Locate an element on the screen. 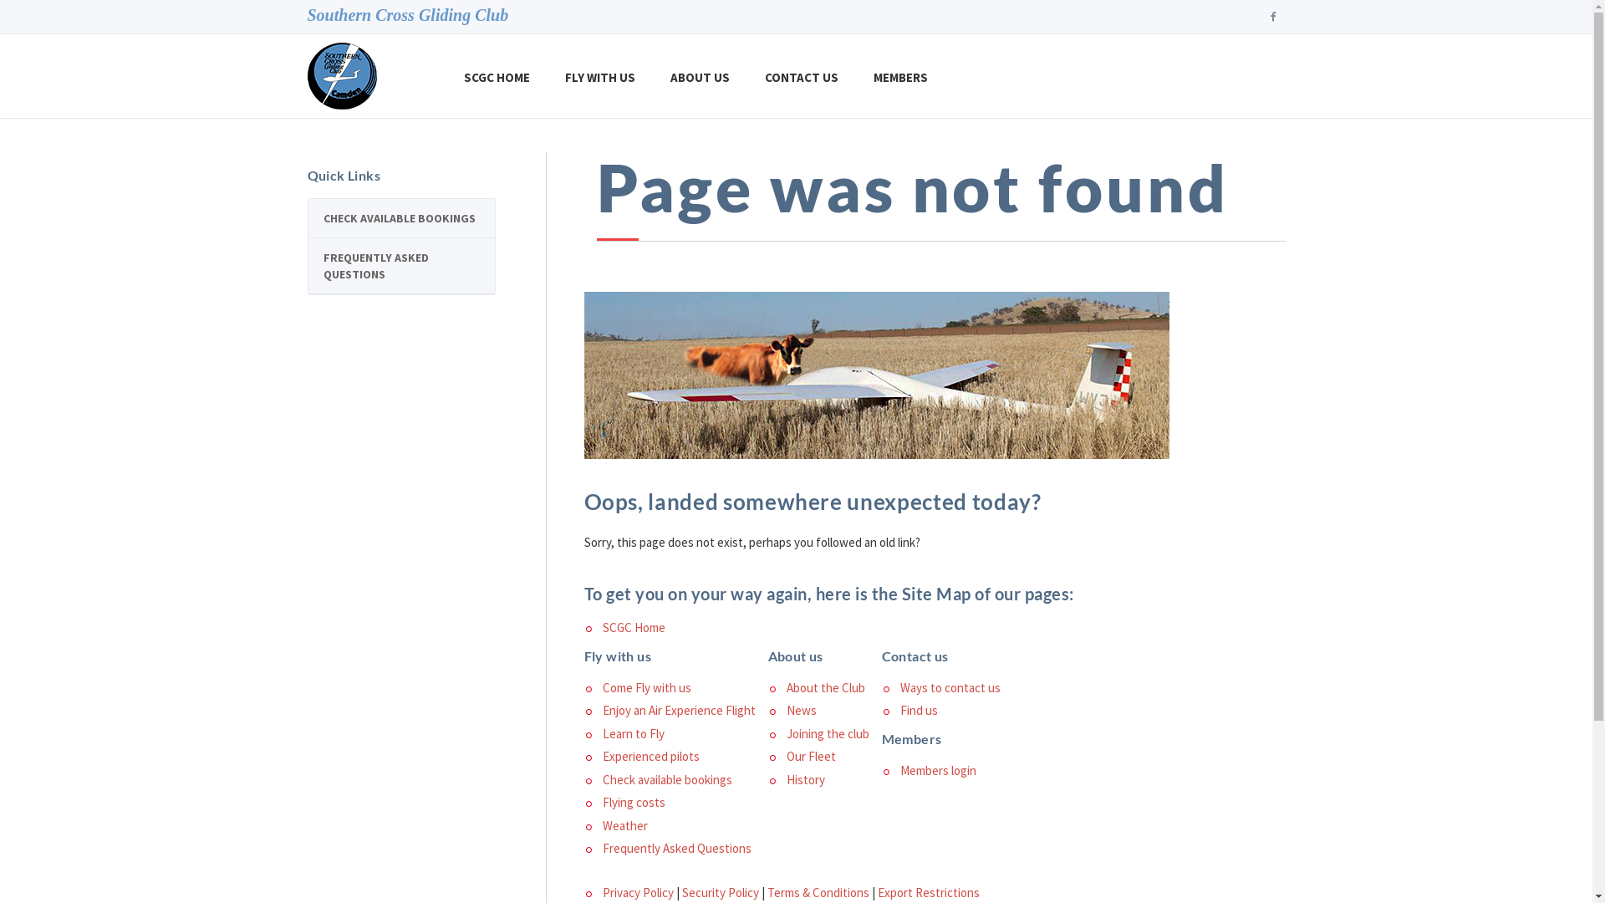 The height and width of the screenshot is (903, 1605). 'Ways to contact us' is located at coordinates (950, 687).